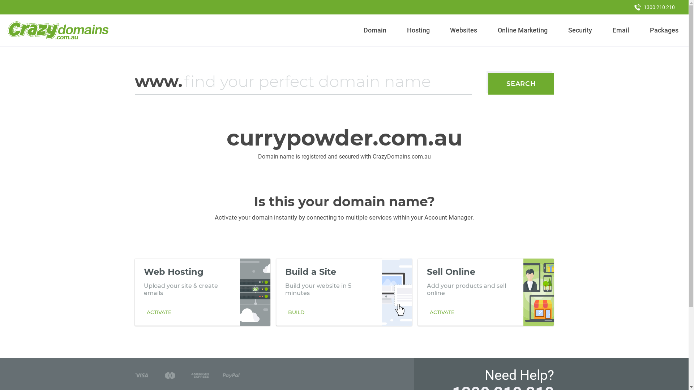 The height and width of the screenshot is (390, 694). Describe the element at coordinates (202, 292) in the screenshot. I see `'Web Hosting` at that location.